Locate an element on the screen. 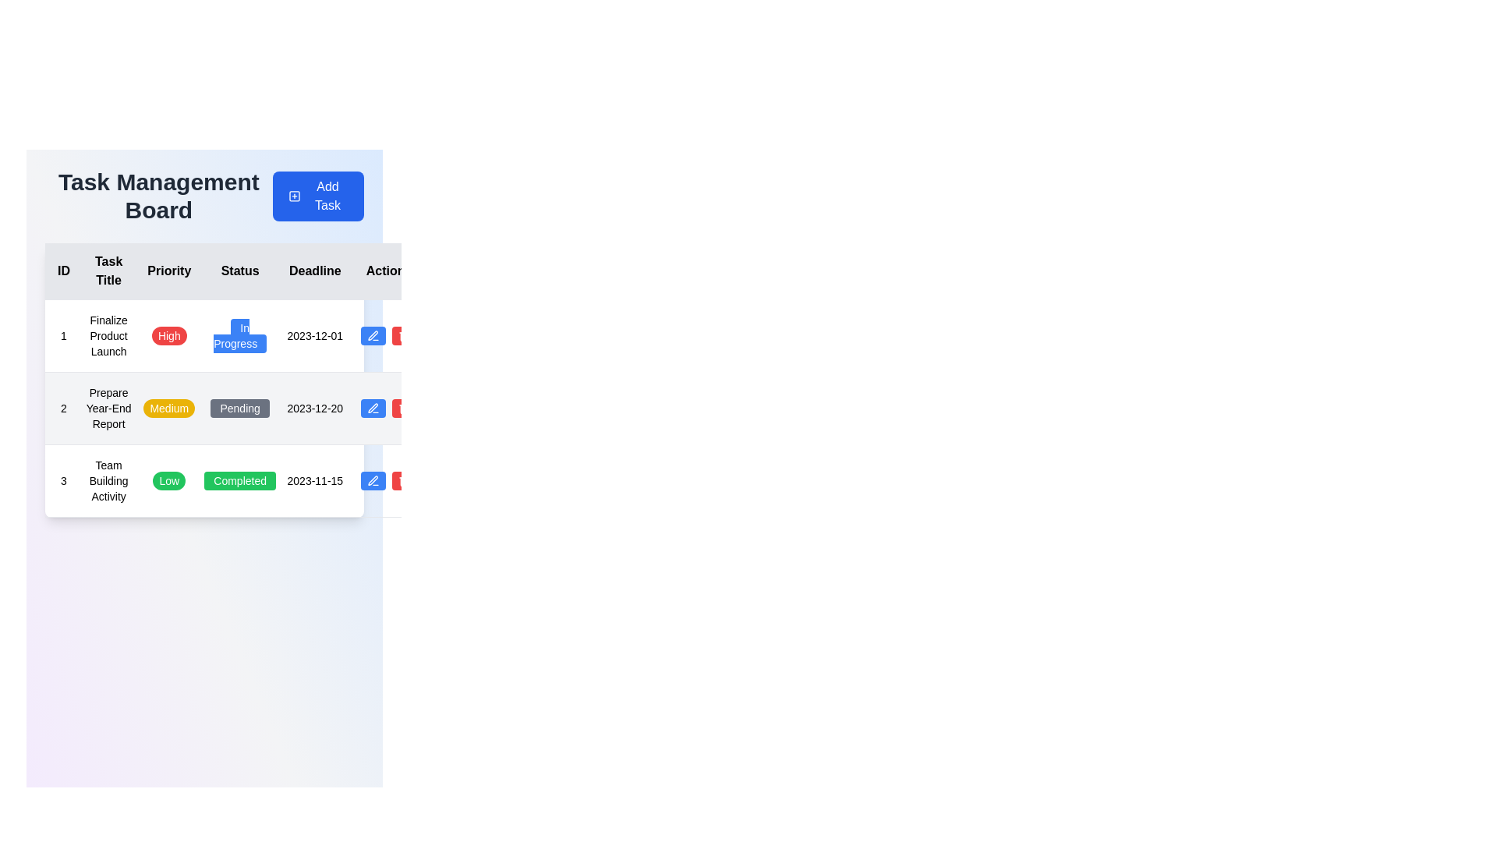  the 'Status' text label, which is bold and centered in the fourth column header of the task management table, located between 'Priority' and 'Deadline' is located at coordinates (239, 271).